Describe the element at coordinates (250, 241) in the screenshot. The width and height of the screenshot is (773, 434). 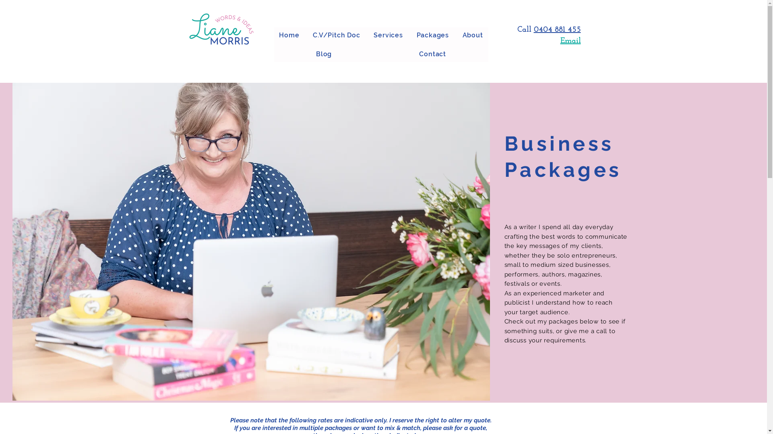
I see `'Liane Morris-Trish Evans Photography-3.j'` at that location.